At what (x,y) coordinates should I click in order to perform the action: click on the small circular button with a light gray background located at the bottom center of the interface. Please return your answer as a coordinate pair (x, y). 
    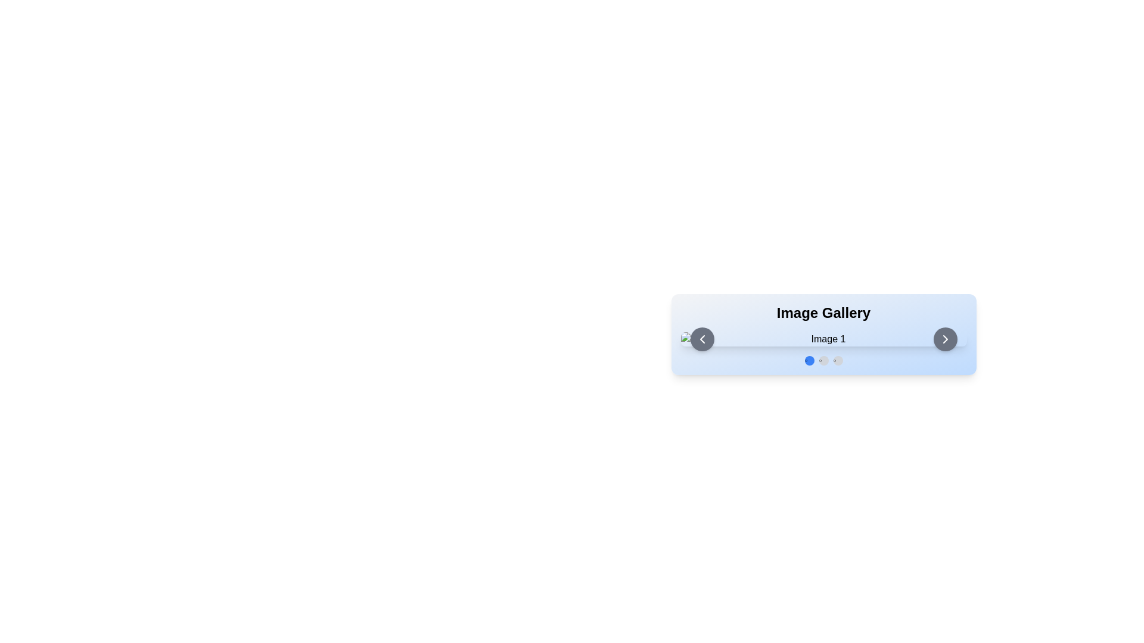
    Looking at the image, I should click on (823, 360).